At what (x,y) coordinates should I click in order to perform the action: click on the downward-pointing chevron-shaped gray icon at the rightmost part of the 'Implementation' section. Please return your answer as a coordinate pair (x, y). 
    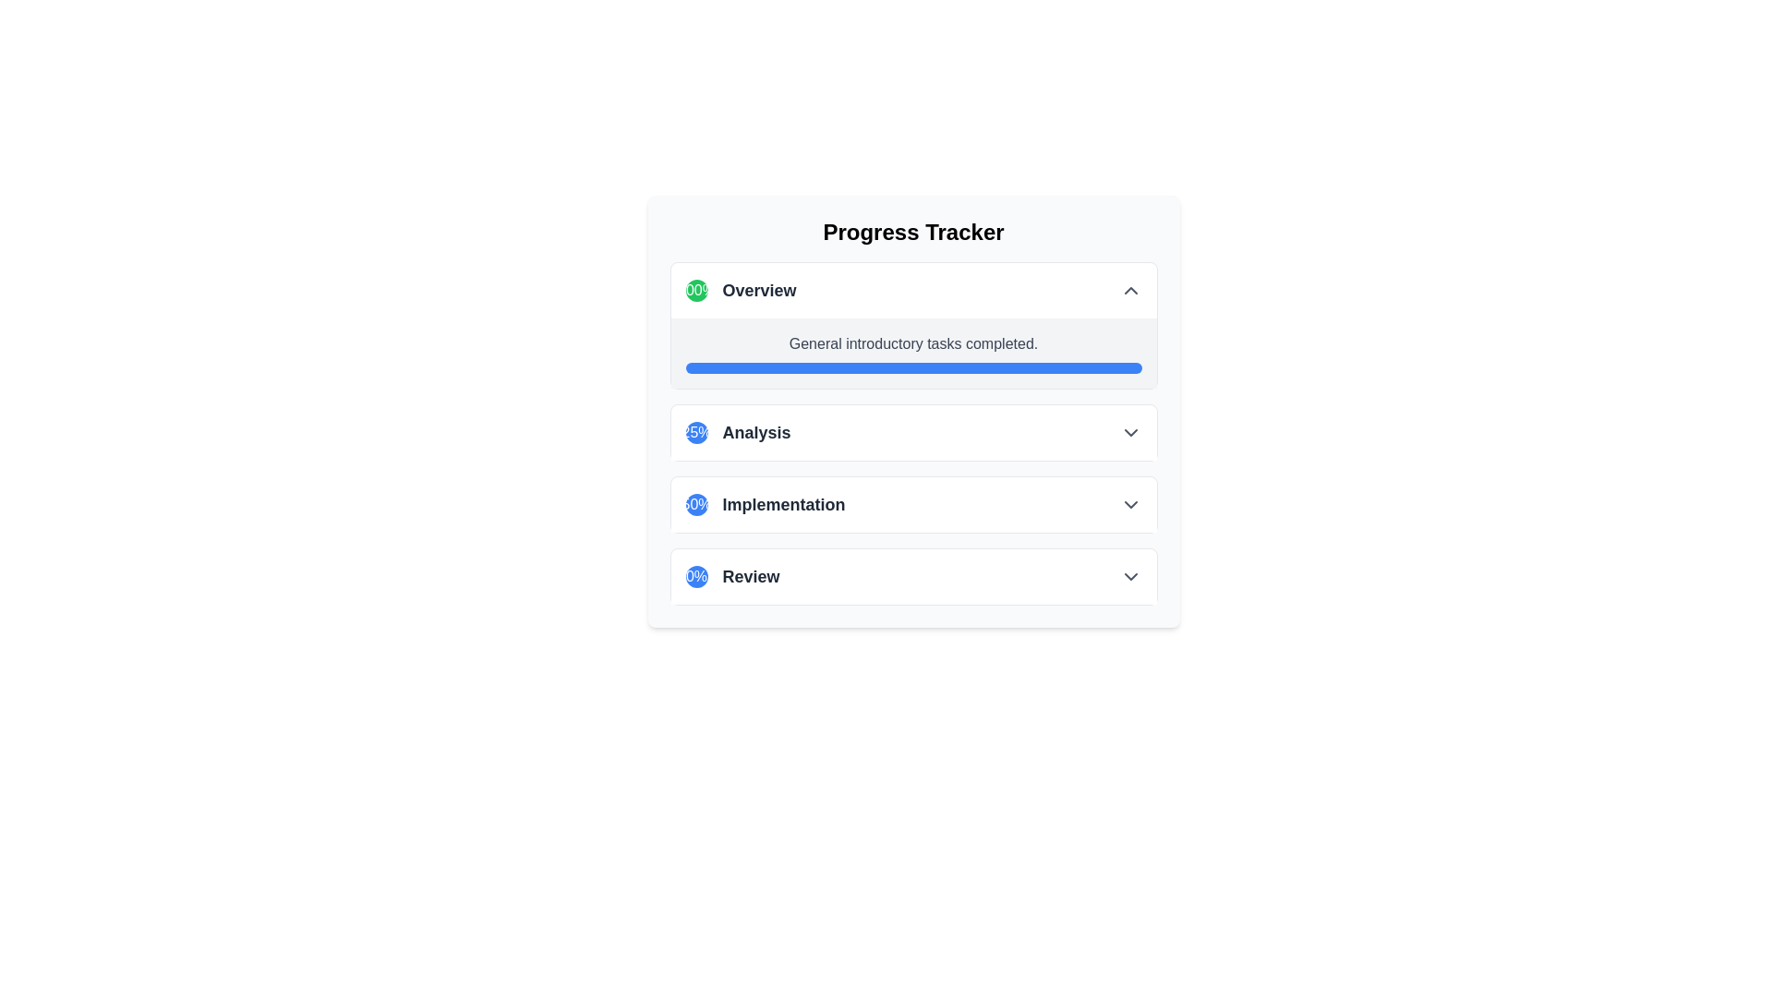
    Looking at the image, I should click on (1129, 505).